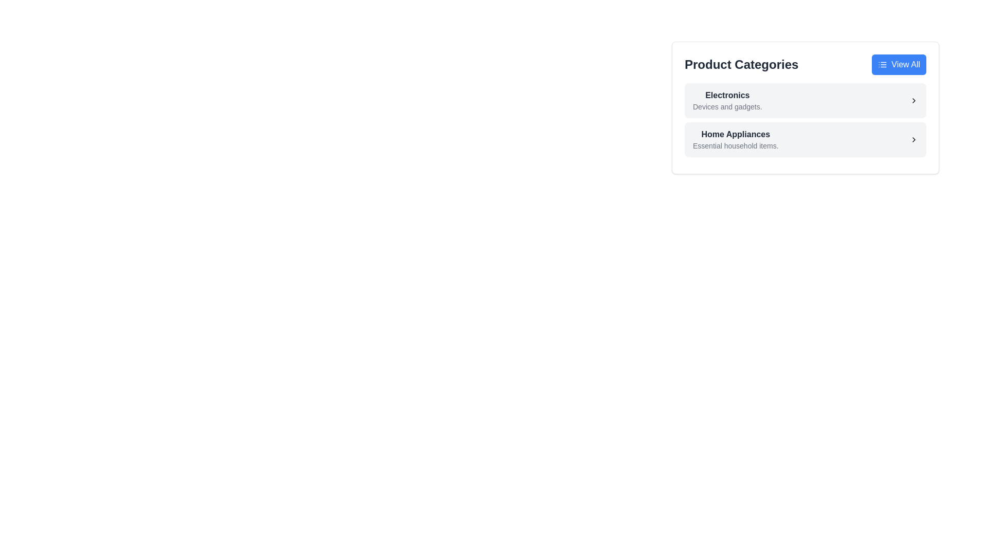 This screenshot has height=555, width=987. I want to click on the chevron right icon indicating that the 'Electronics' section is clickable, so click(913, 101).